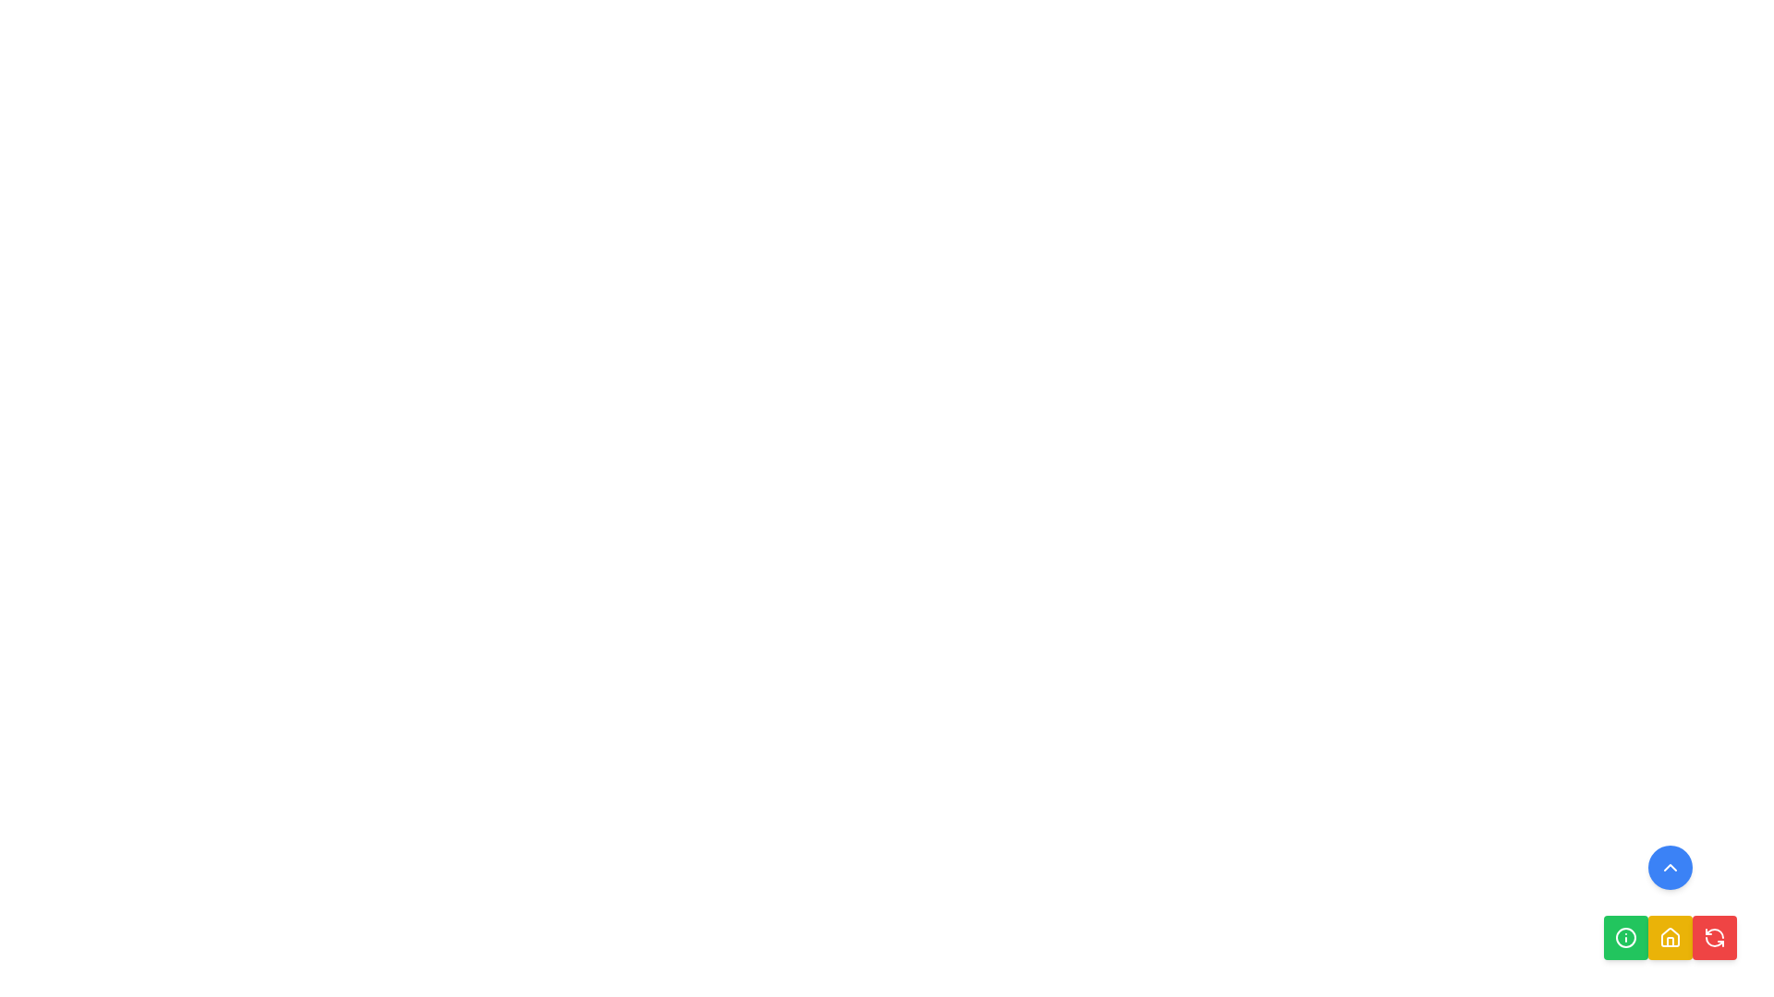  What do you see at coordinates (1671, 936) in the screenshot?
I see `the house-like icon with a yellow fill and black stroke, located between the green info icon and the red refresh icon` at bounding box center [1671, 936].